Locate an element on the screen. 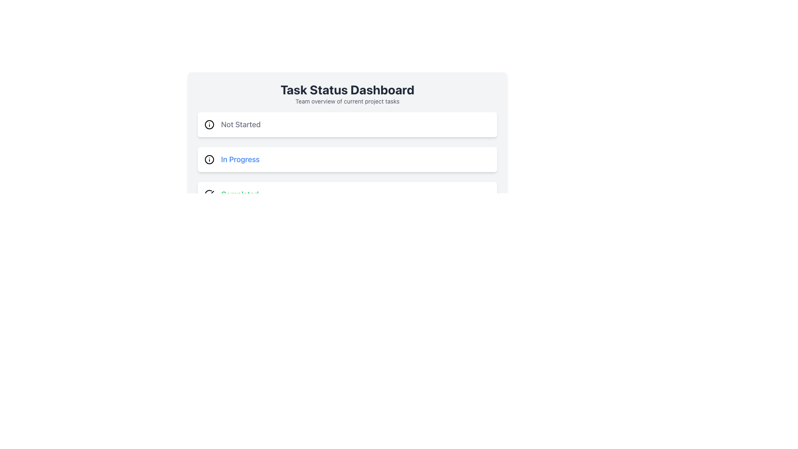 The height and width of the screenshot is (449, 798). the 'In Progress' task status button in the task management interface is located at coordinates (347, 160).